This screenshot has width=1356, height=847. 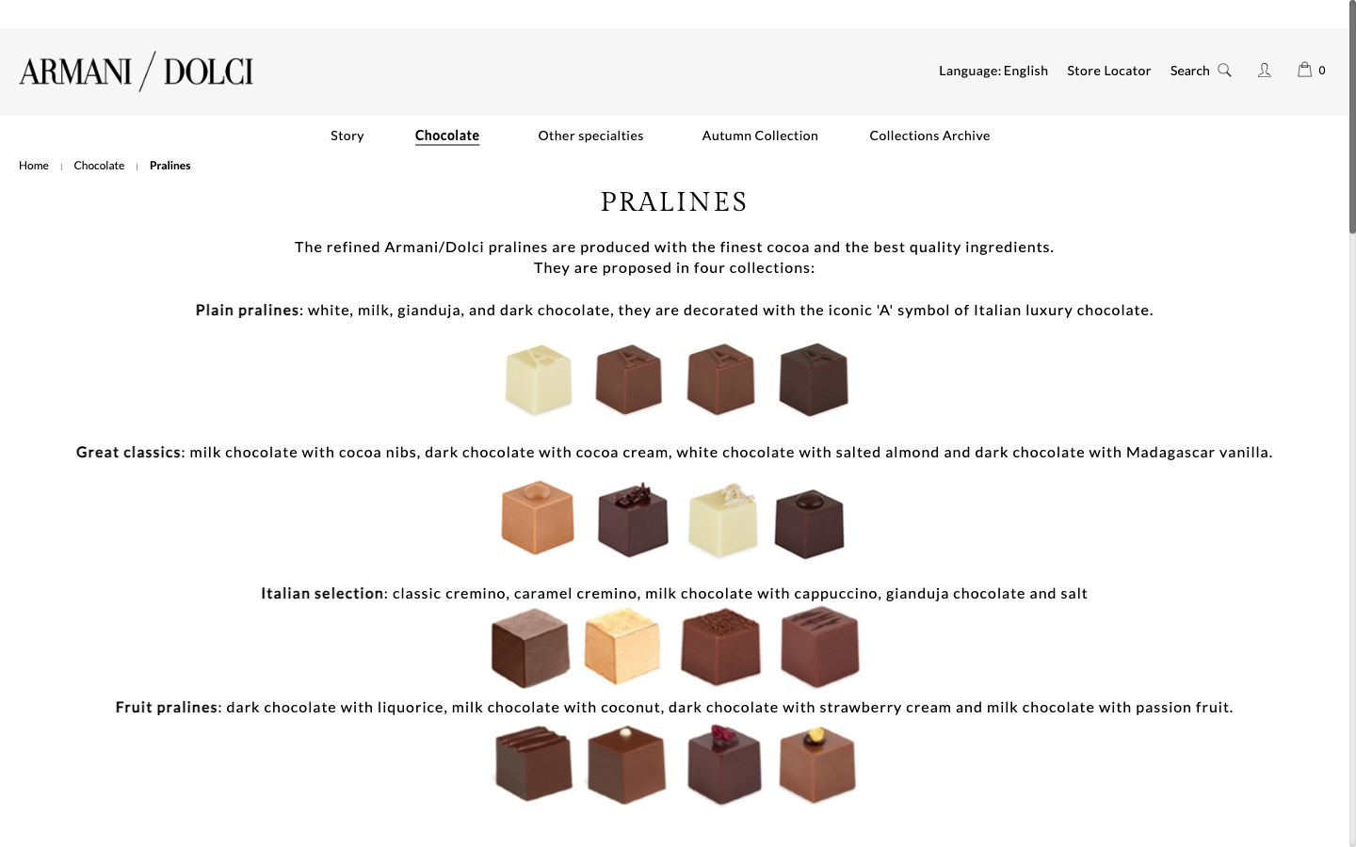 I want to click on the autumn assortment of chocolates, so click(x=760, y=136).